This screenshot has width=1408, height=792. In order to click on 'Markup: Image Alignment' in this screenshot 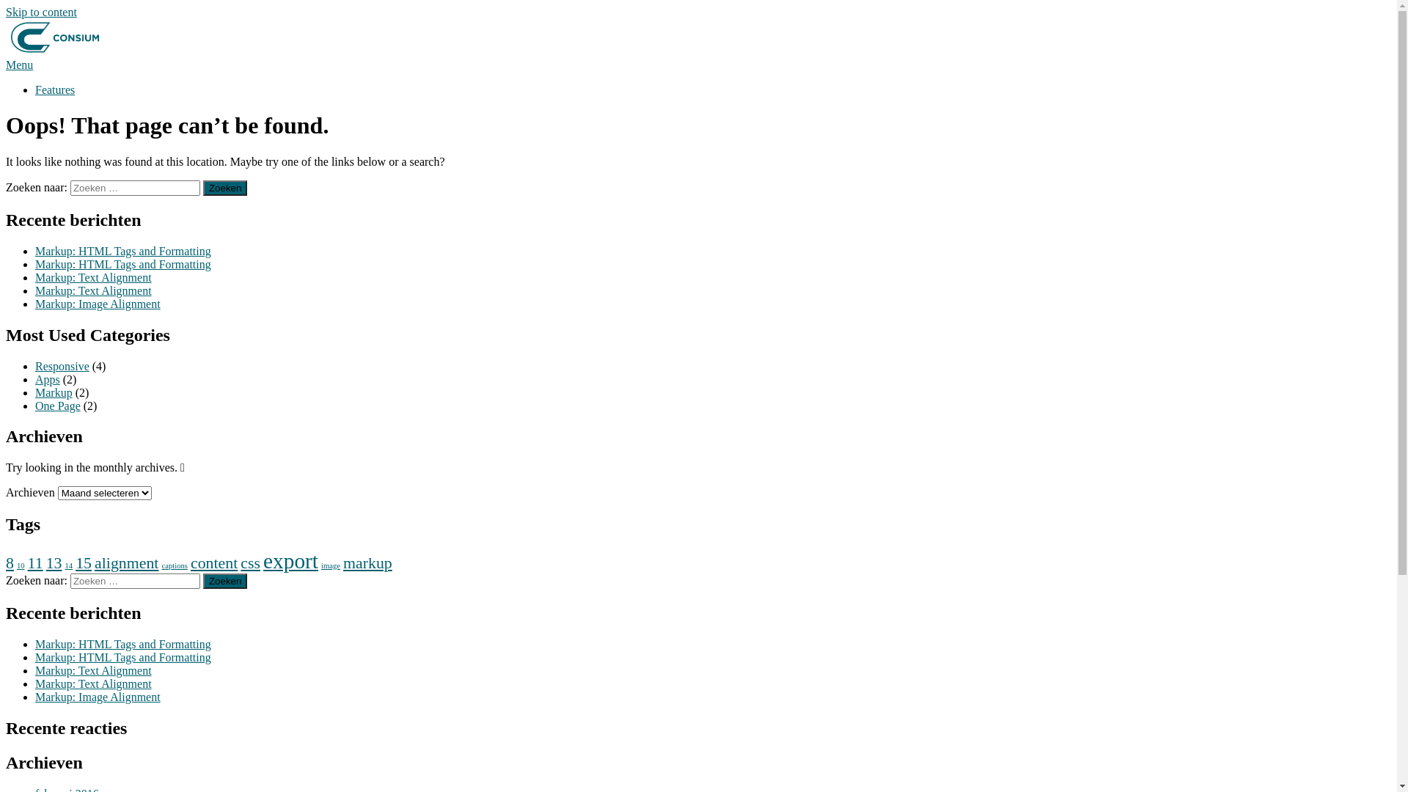, I will do `click(97, 303)`.